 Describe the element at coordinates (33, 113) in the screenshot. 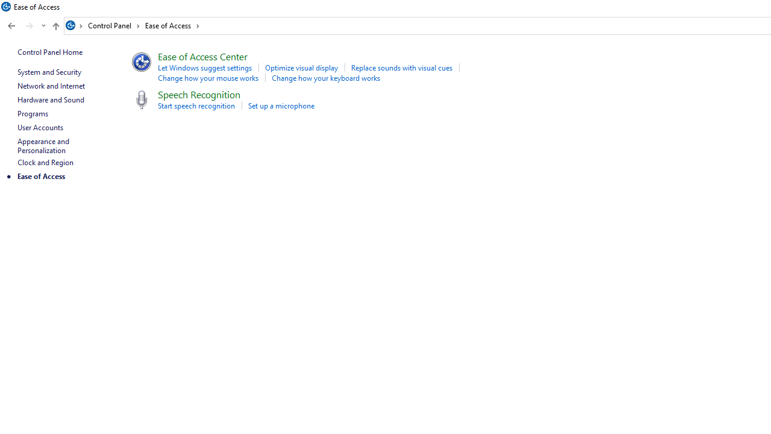

I see `'Programs'` at that location.